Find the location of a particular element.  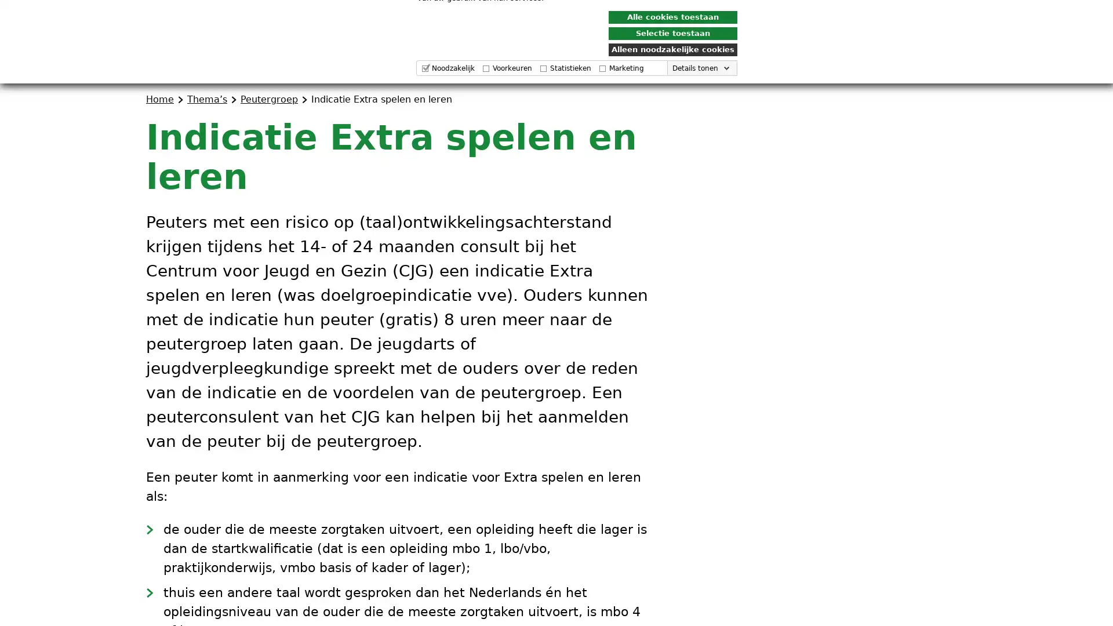

Sub menu openen/sluiten is located at coordinates (731, 54).